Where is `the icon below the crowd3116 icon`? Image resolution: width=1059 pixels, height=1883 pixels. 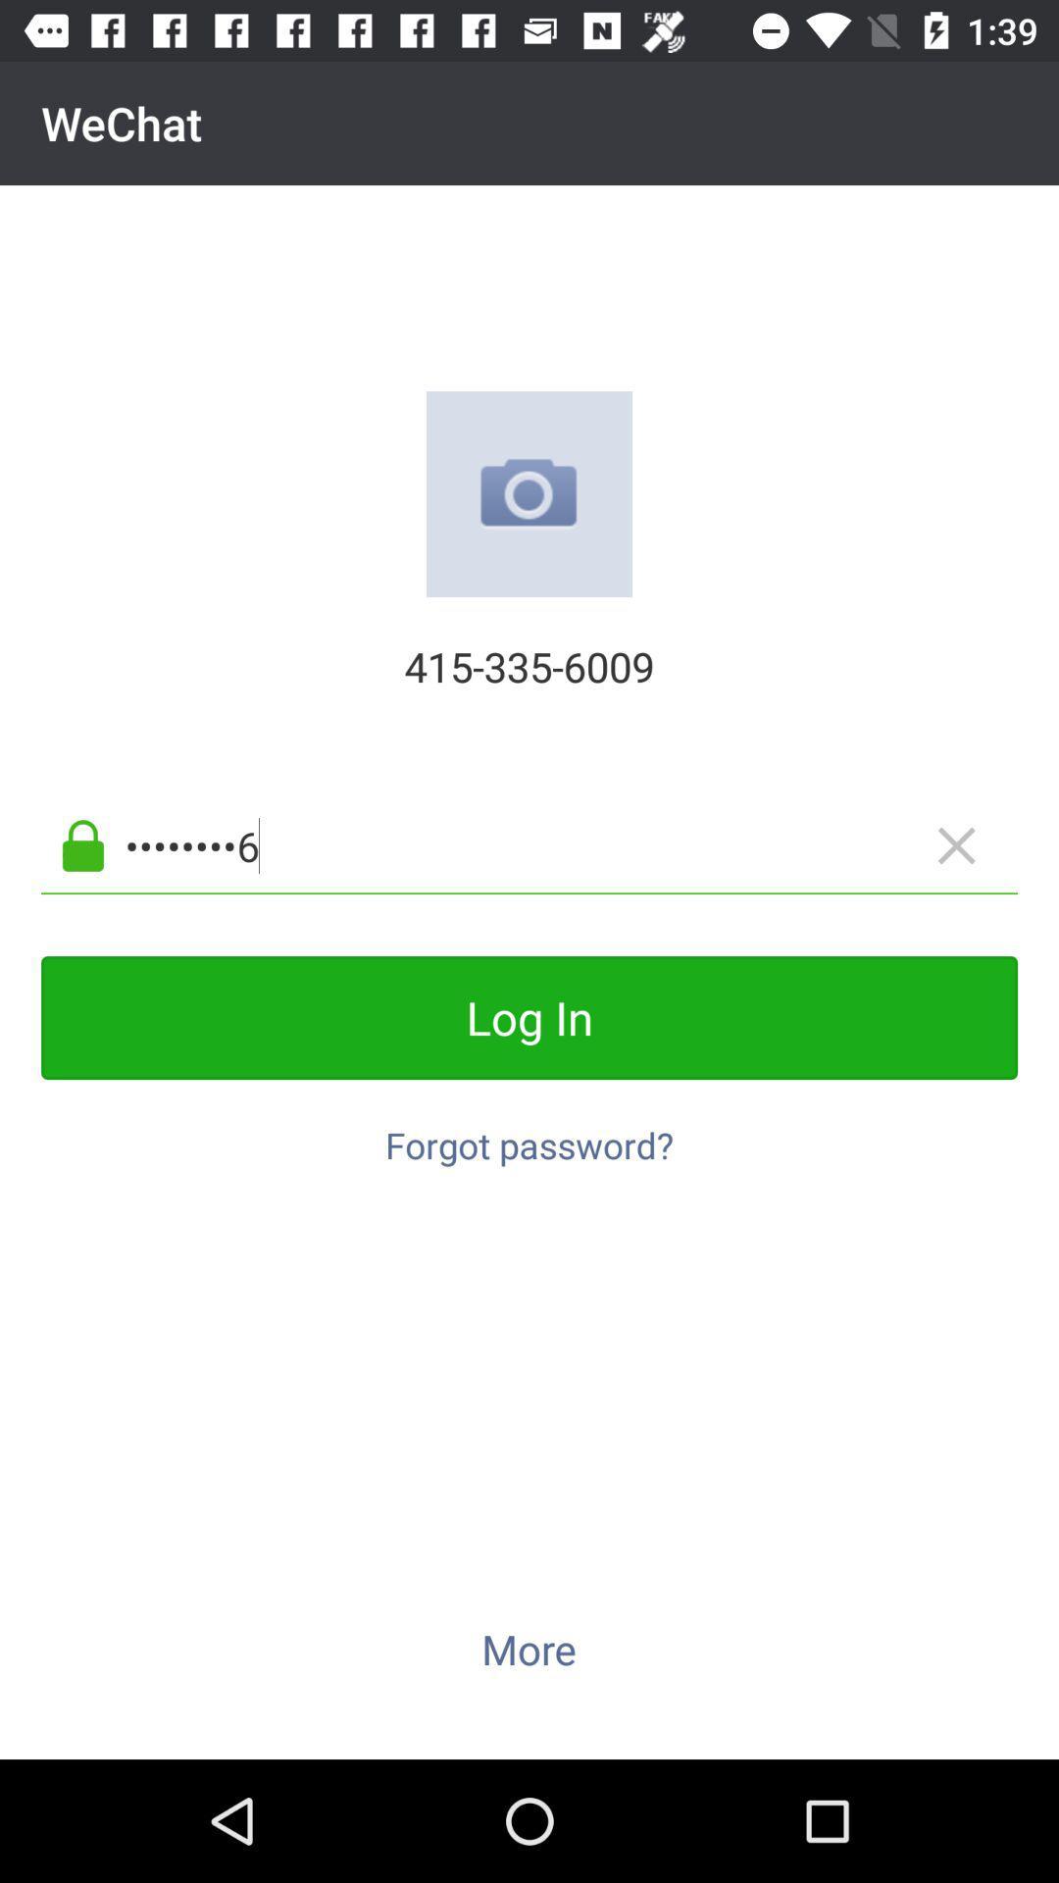 the icon below the crowd3116 icon is located at coordinates (529, 1017).